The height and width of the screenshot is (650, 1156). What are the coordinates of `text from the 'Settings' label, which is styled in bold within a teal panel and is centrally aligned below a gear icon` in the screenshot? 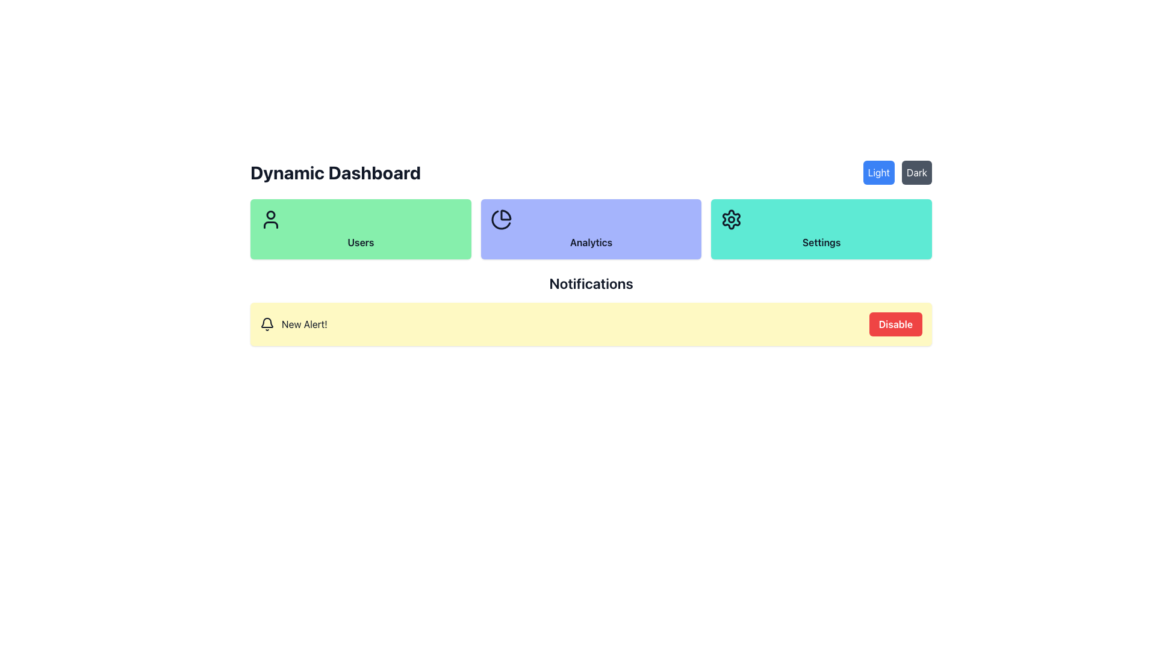 It's located at (821, 242).